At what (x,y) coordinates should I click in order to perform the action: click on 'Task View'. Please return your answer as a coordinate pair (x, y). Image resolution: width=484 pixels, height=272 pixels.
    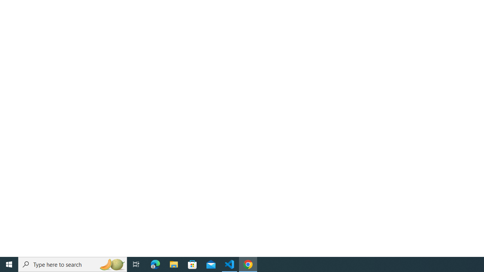
    Looking at the image, I should click on (136, 264).